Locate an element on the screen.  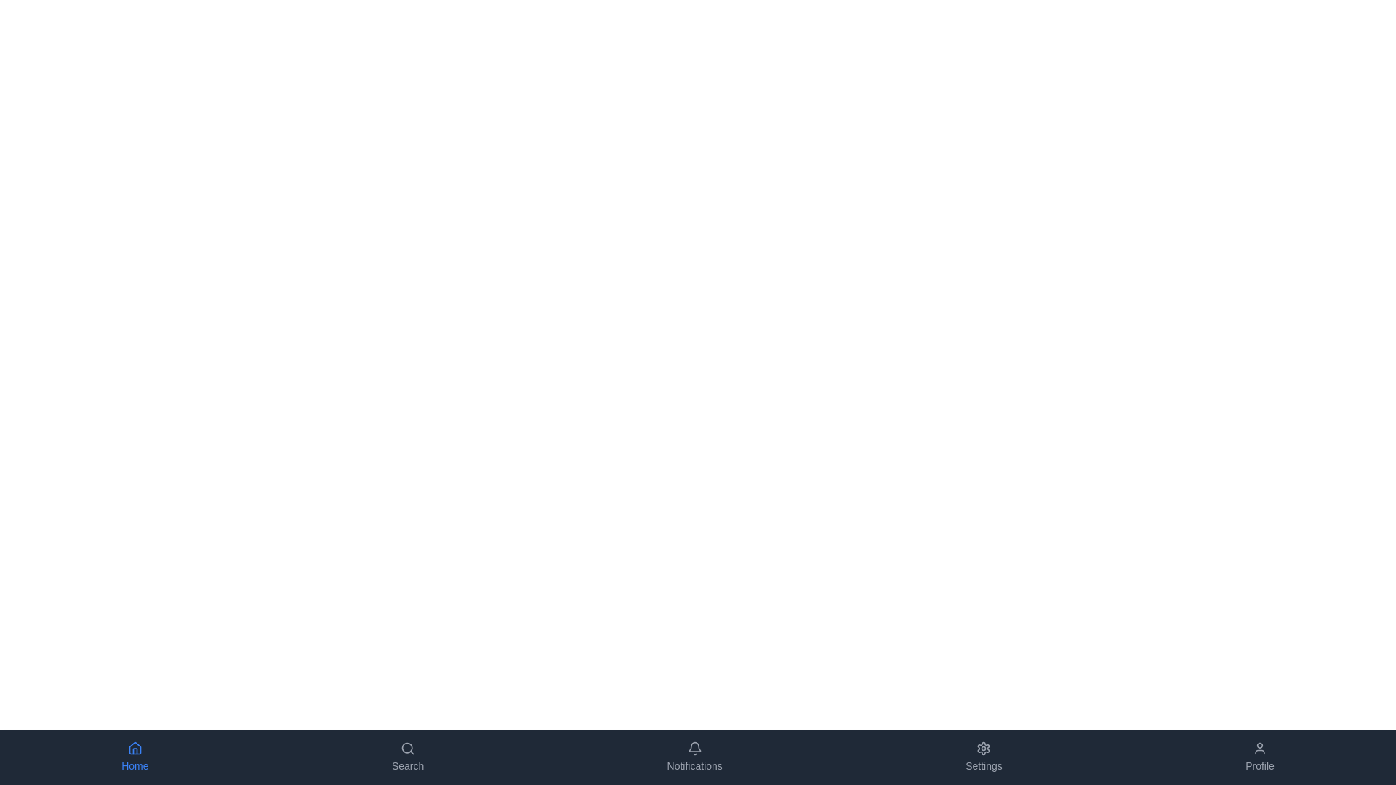
the magnifying glass icon located in the bottom navigation bar, positioned above the 'Search' label is located at coordinates (407, 748).